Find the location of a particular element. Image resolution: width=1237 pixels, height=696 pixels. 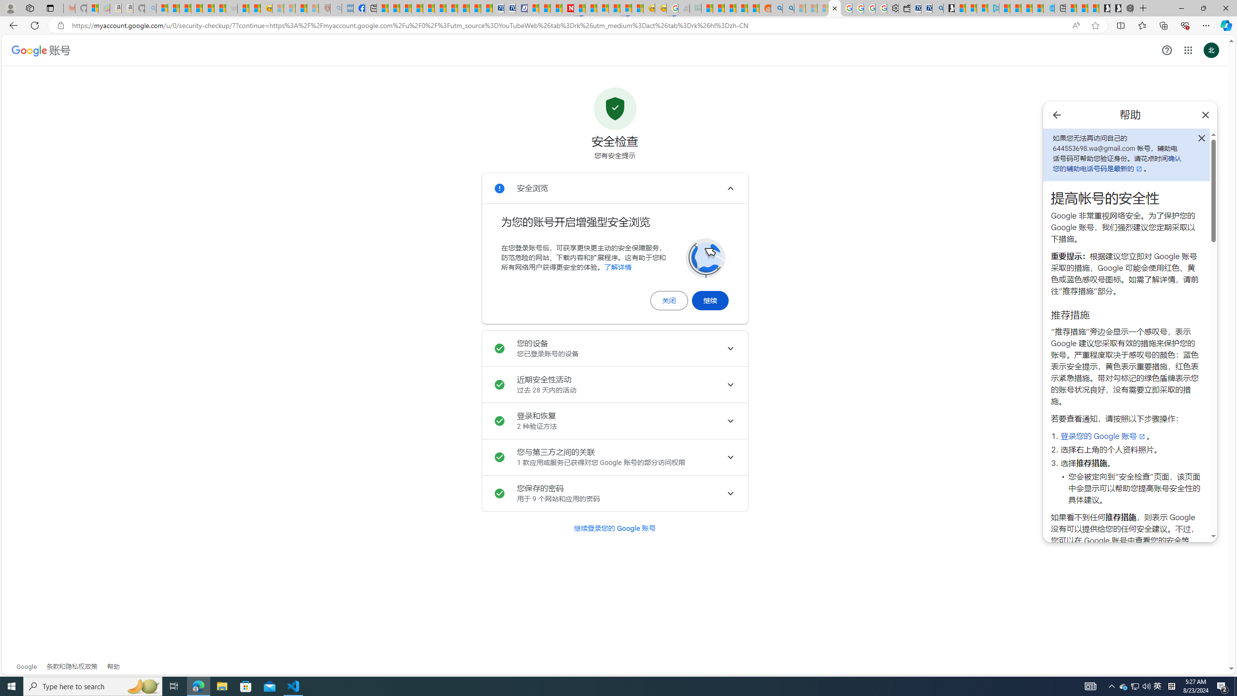

'Climate Damage Becomes Too Severe To Reverse' is located at coordinates (416, 8).